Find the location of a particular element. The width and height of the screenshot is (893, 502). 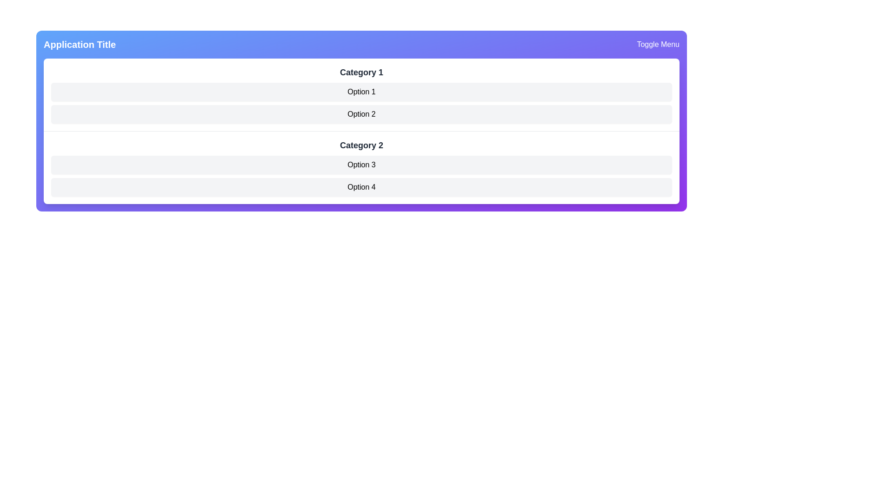

the 'Option 3' button, which is a rectangular button with rounded corners and a light gray background, located in the middle-left section of the interface within the 'Category 2' group is located at coordinates (361, 164).